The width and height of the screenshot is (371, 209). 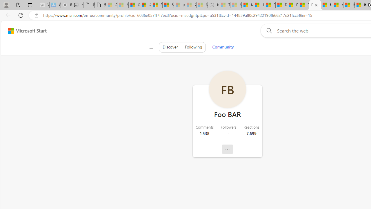 I want to click on 'Class: cwt-icon-vector', so click(x=227, y=149).